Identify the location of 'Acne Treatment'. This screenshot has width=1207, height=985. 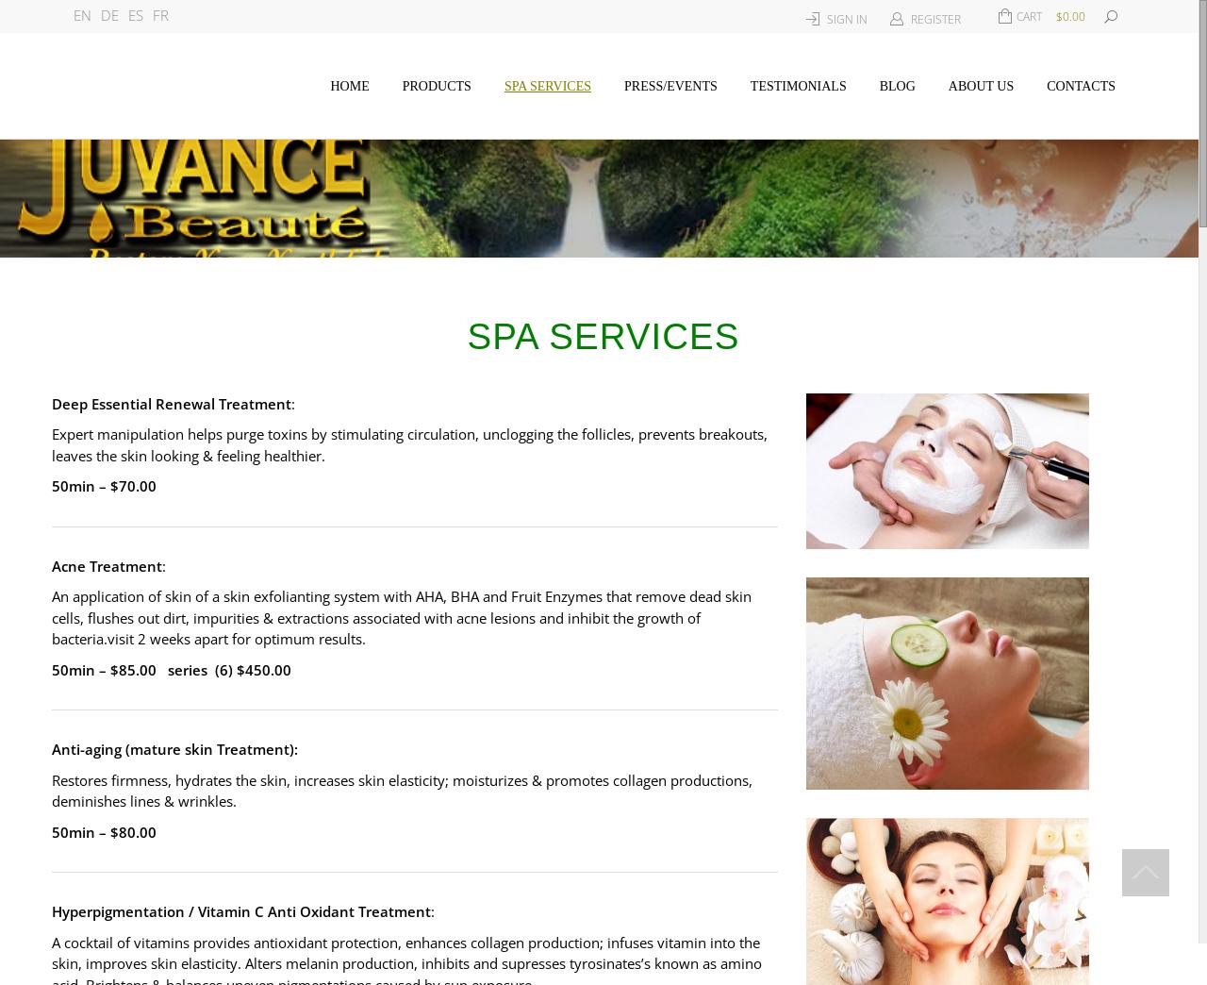
(106, 565).